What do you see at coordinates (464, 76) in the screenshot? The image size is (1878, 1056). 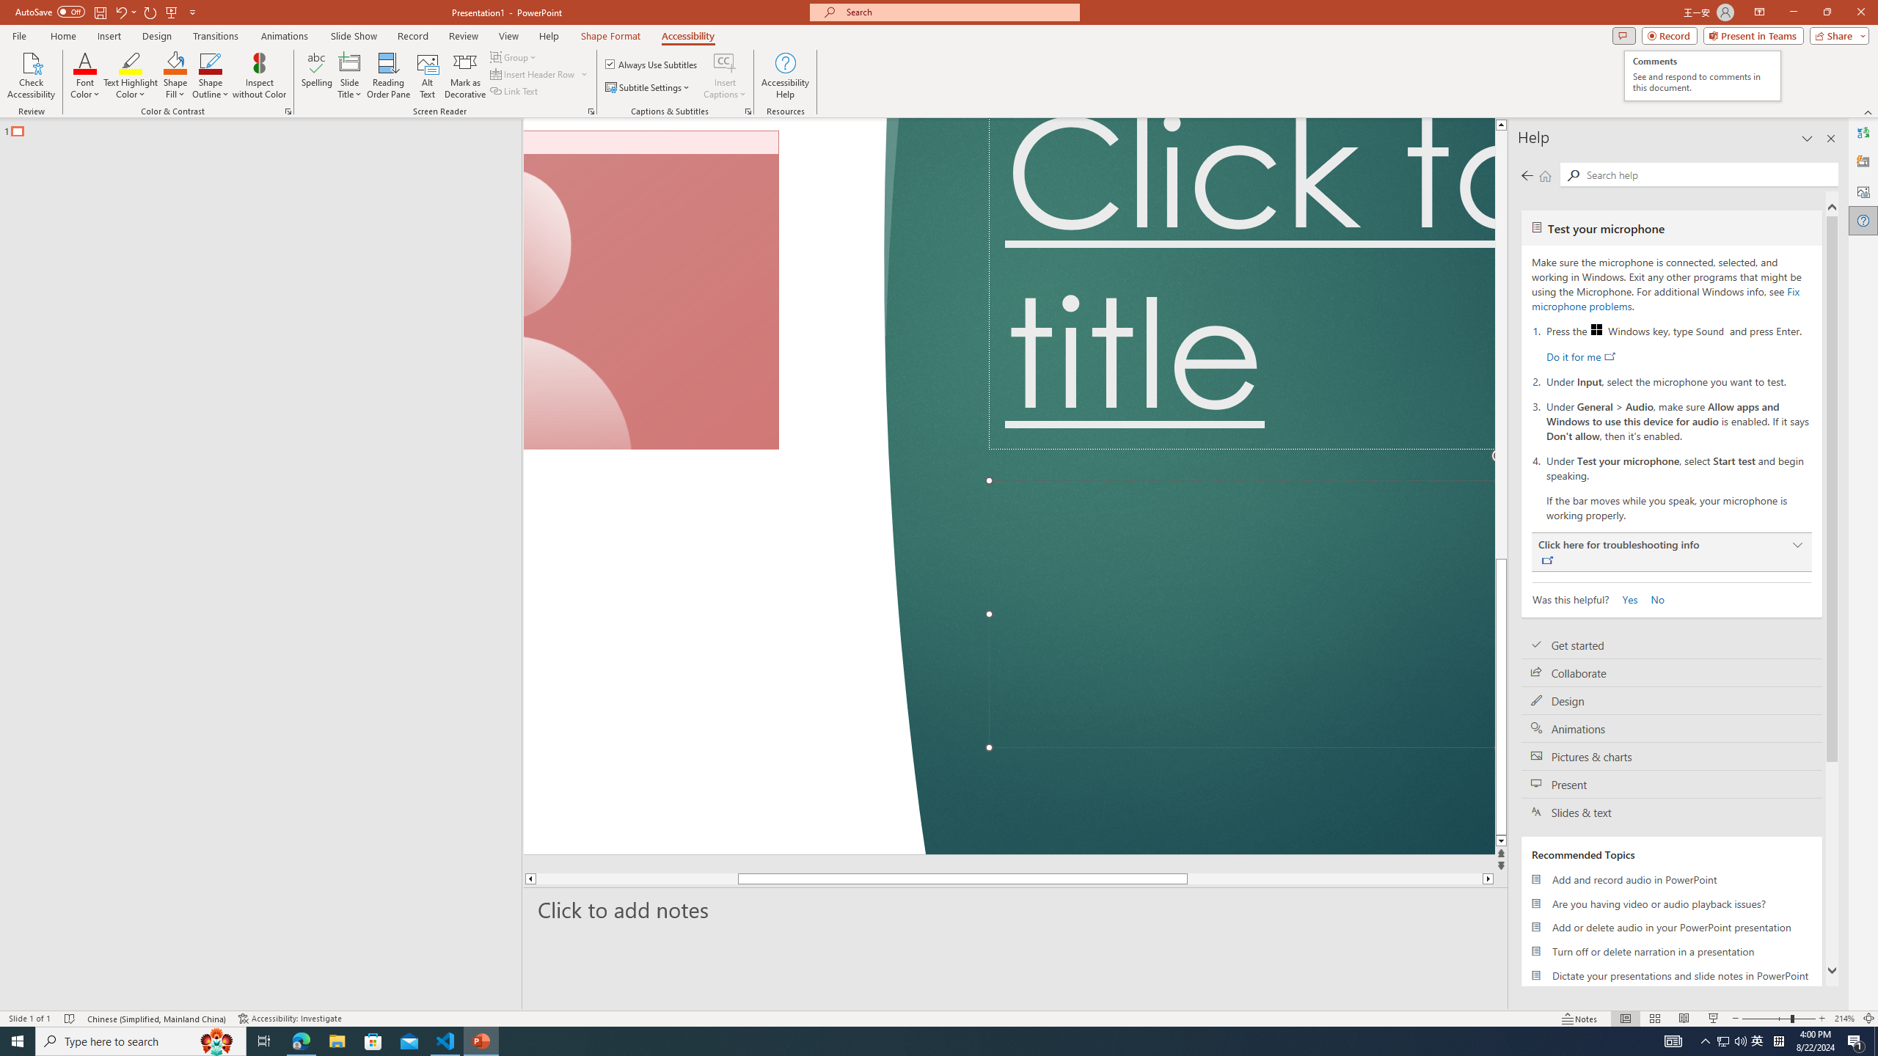 I see `'Mark as Decorative'` at bounding box center [464, 76].